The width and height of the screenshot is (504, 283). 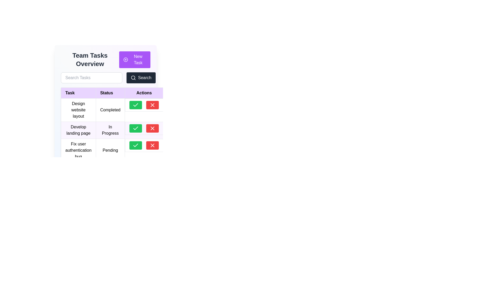 What do you see at coordinates (141, 78) in the screenshot?
I see `the search button located to the right of the 'Search Tasks' input field` at bounding box center [141, 78].